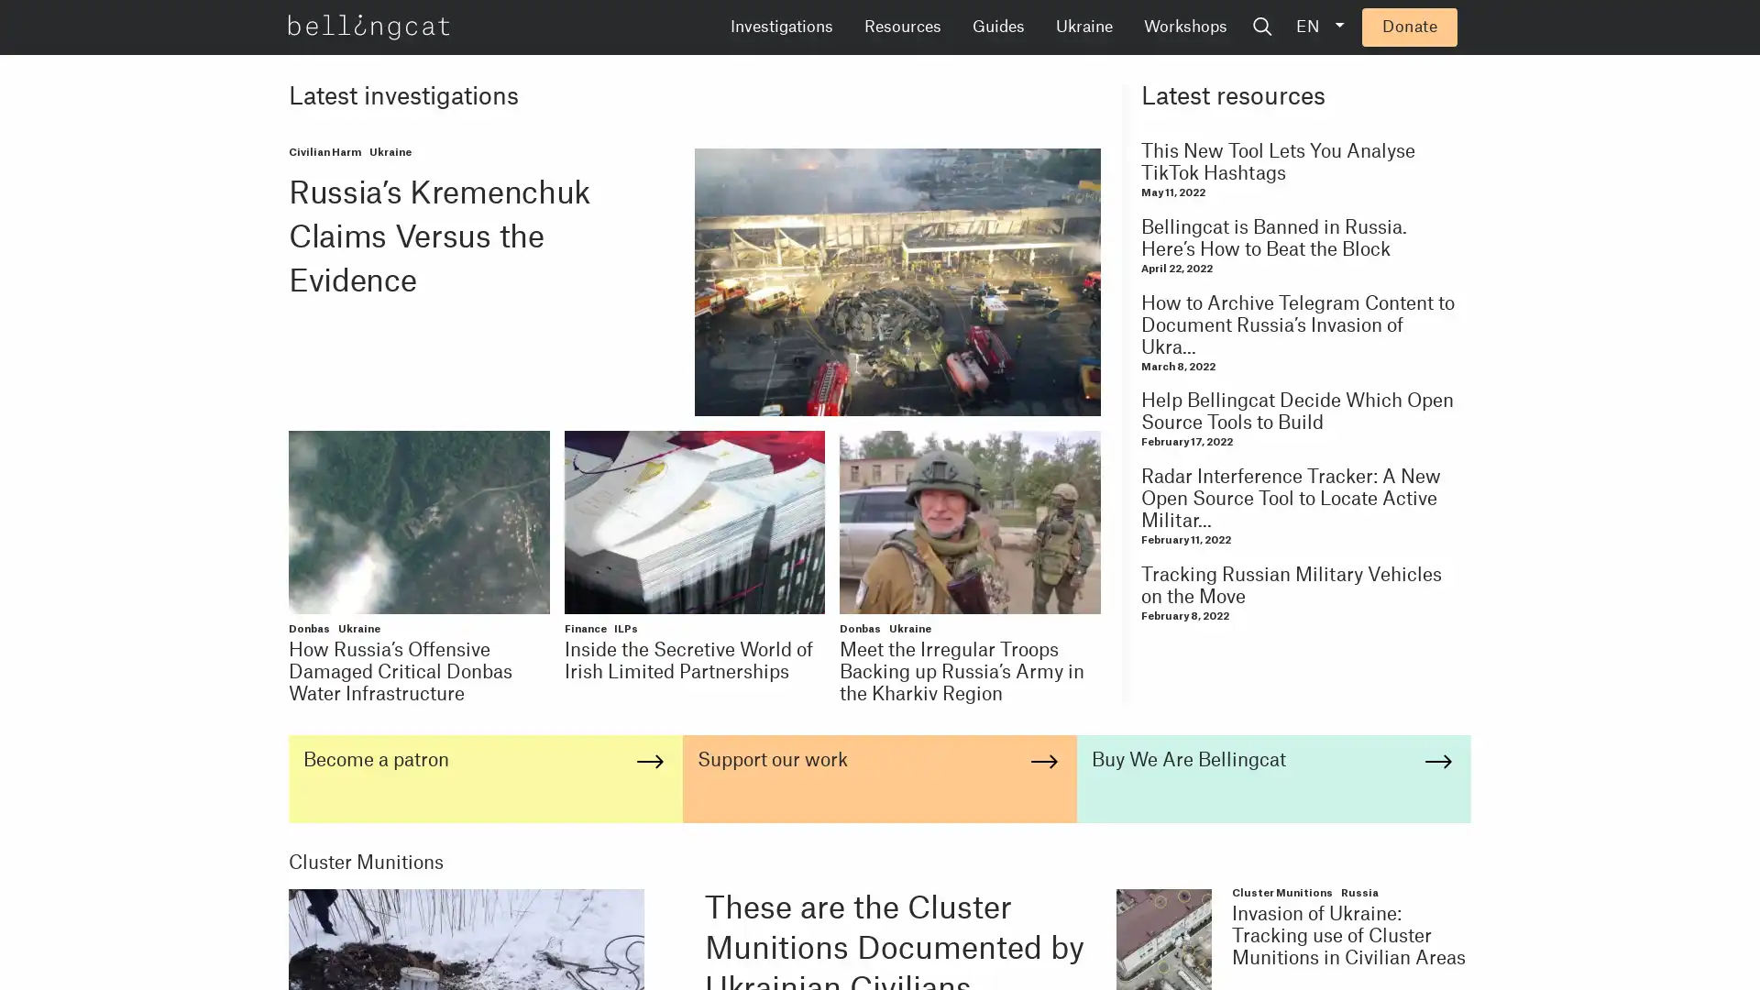 The width and height of the screenshot is (1760, 990). What do you see at coordinates (1402, 27) in the screenshot?
I see `Search` at bounding box center [1402, 27].